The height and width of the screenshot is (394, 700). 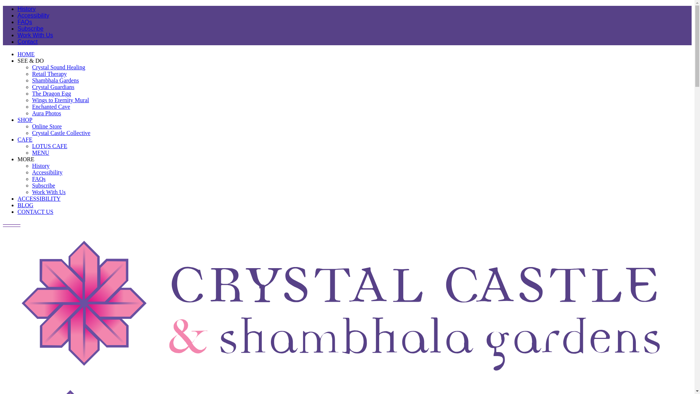 What do you see at coordinates (26, 159) in the screenshot?
I see `'MORE'` at bounding box center [26, 159].